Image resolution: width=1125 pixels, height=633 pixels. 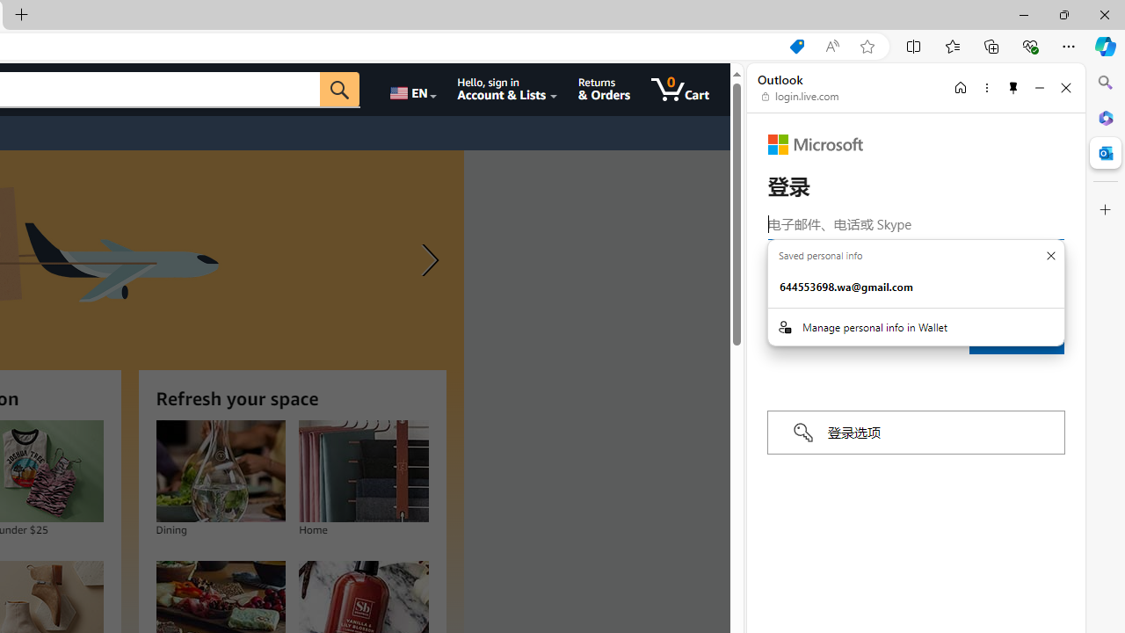 What do you see at coordinates (339, 89) in the screenshot?
I see `'Go'` at bounding box center [339, 89].